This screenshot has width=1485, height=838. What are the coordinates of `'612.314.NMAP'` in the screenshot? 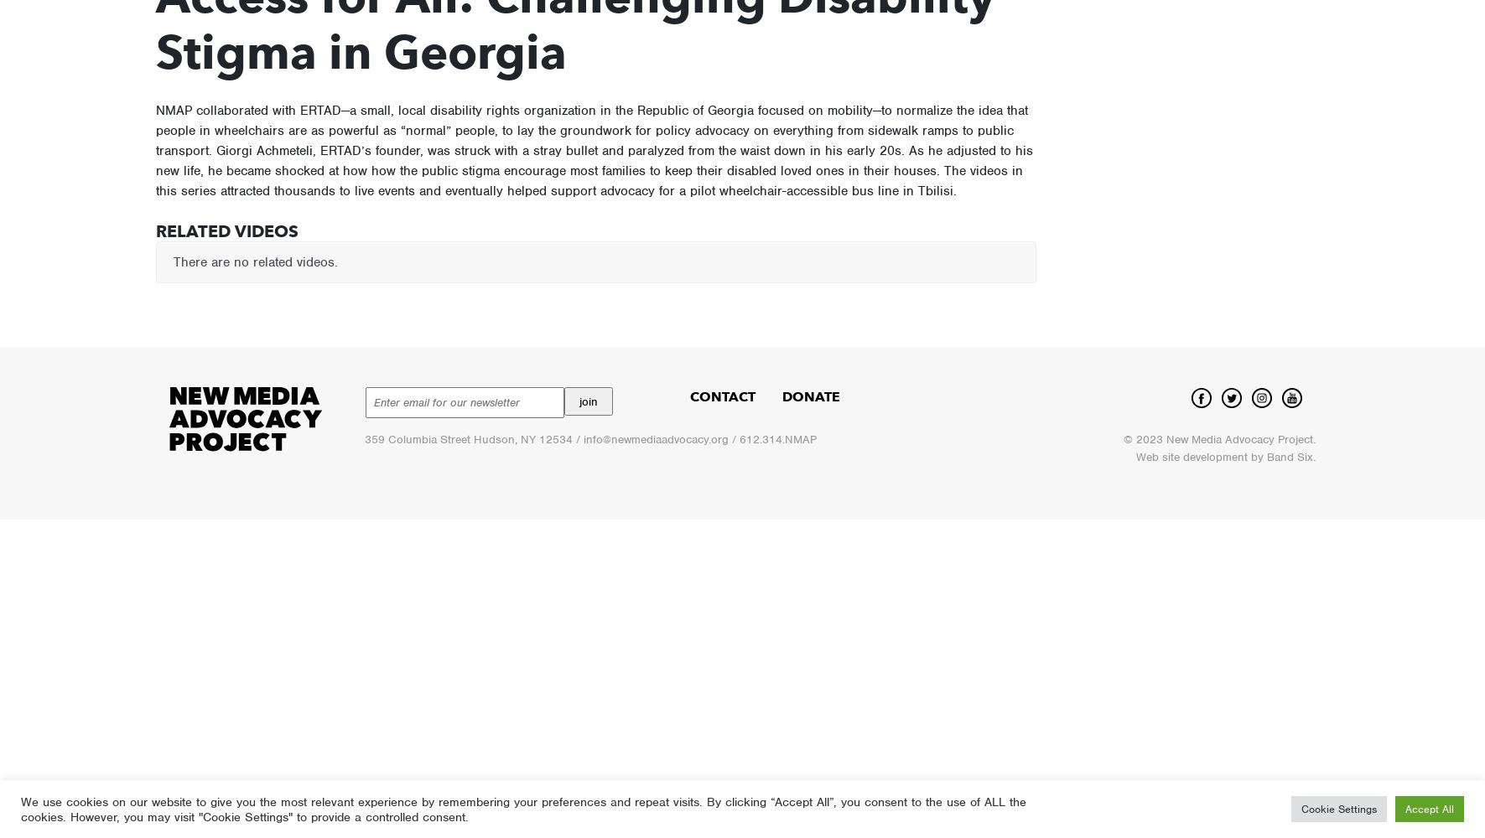 It's located at (776, 439).